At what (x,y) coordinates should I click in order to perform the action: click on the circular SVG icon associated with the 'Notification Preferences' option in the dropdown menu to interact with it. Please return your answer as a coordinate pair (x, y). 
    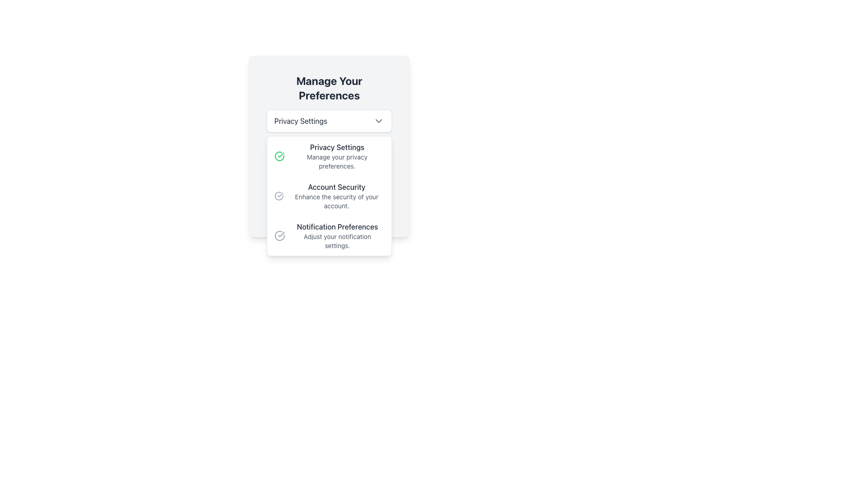
    Looking at the image, I should click on (279, 235).